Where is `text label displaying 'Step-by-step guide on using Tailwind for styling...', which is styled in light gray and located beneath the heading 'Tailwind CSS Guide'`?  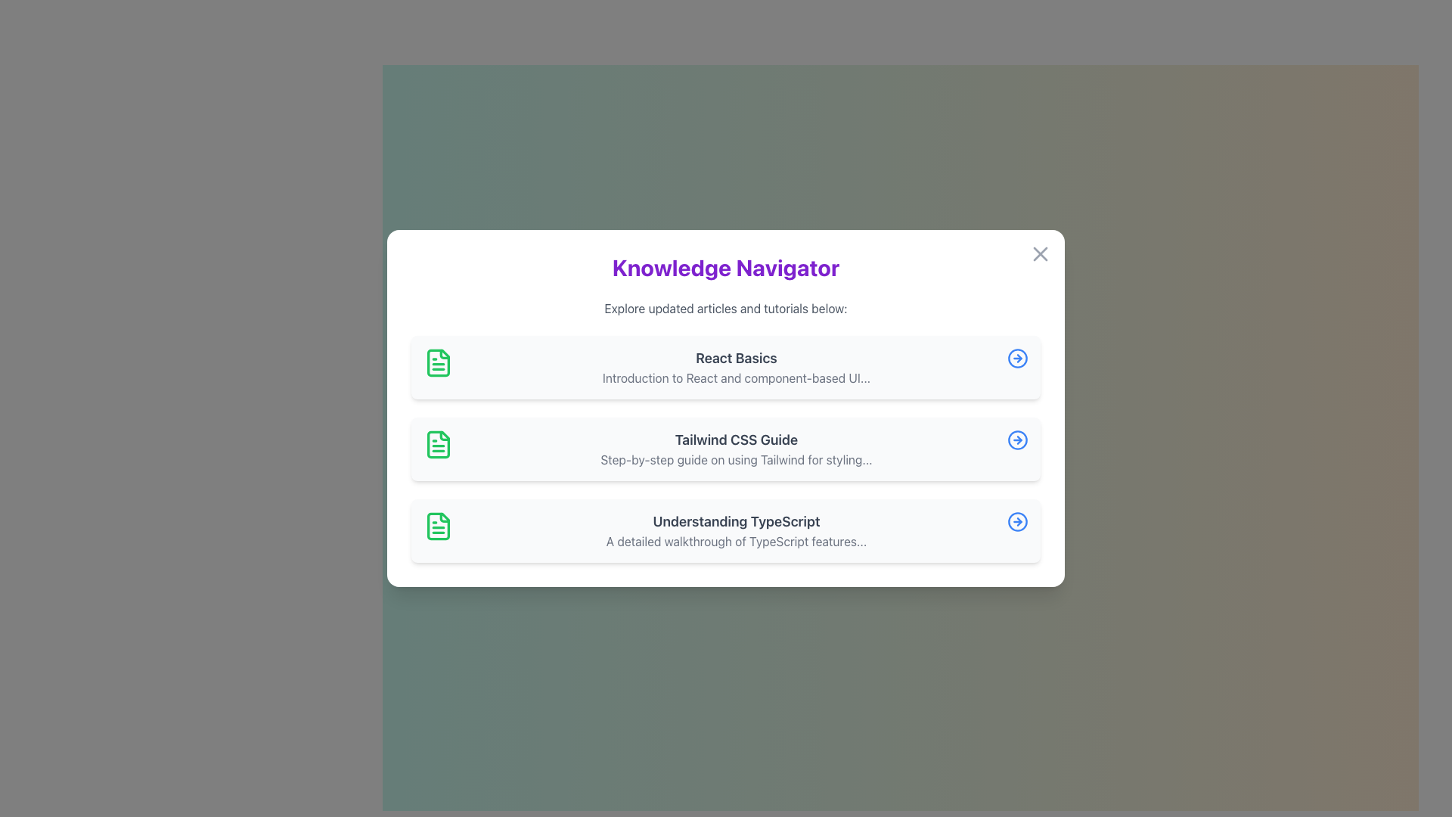 text label displaying 'Step-by-step guide on using Tailwind for styling...', which is styled in light gray and located beneath the heading 'Tailwind CSS Guide' is located at coordinates (737, 459).